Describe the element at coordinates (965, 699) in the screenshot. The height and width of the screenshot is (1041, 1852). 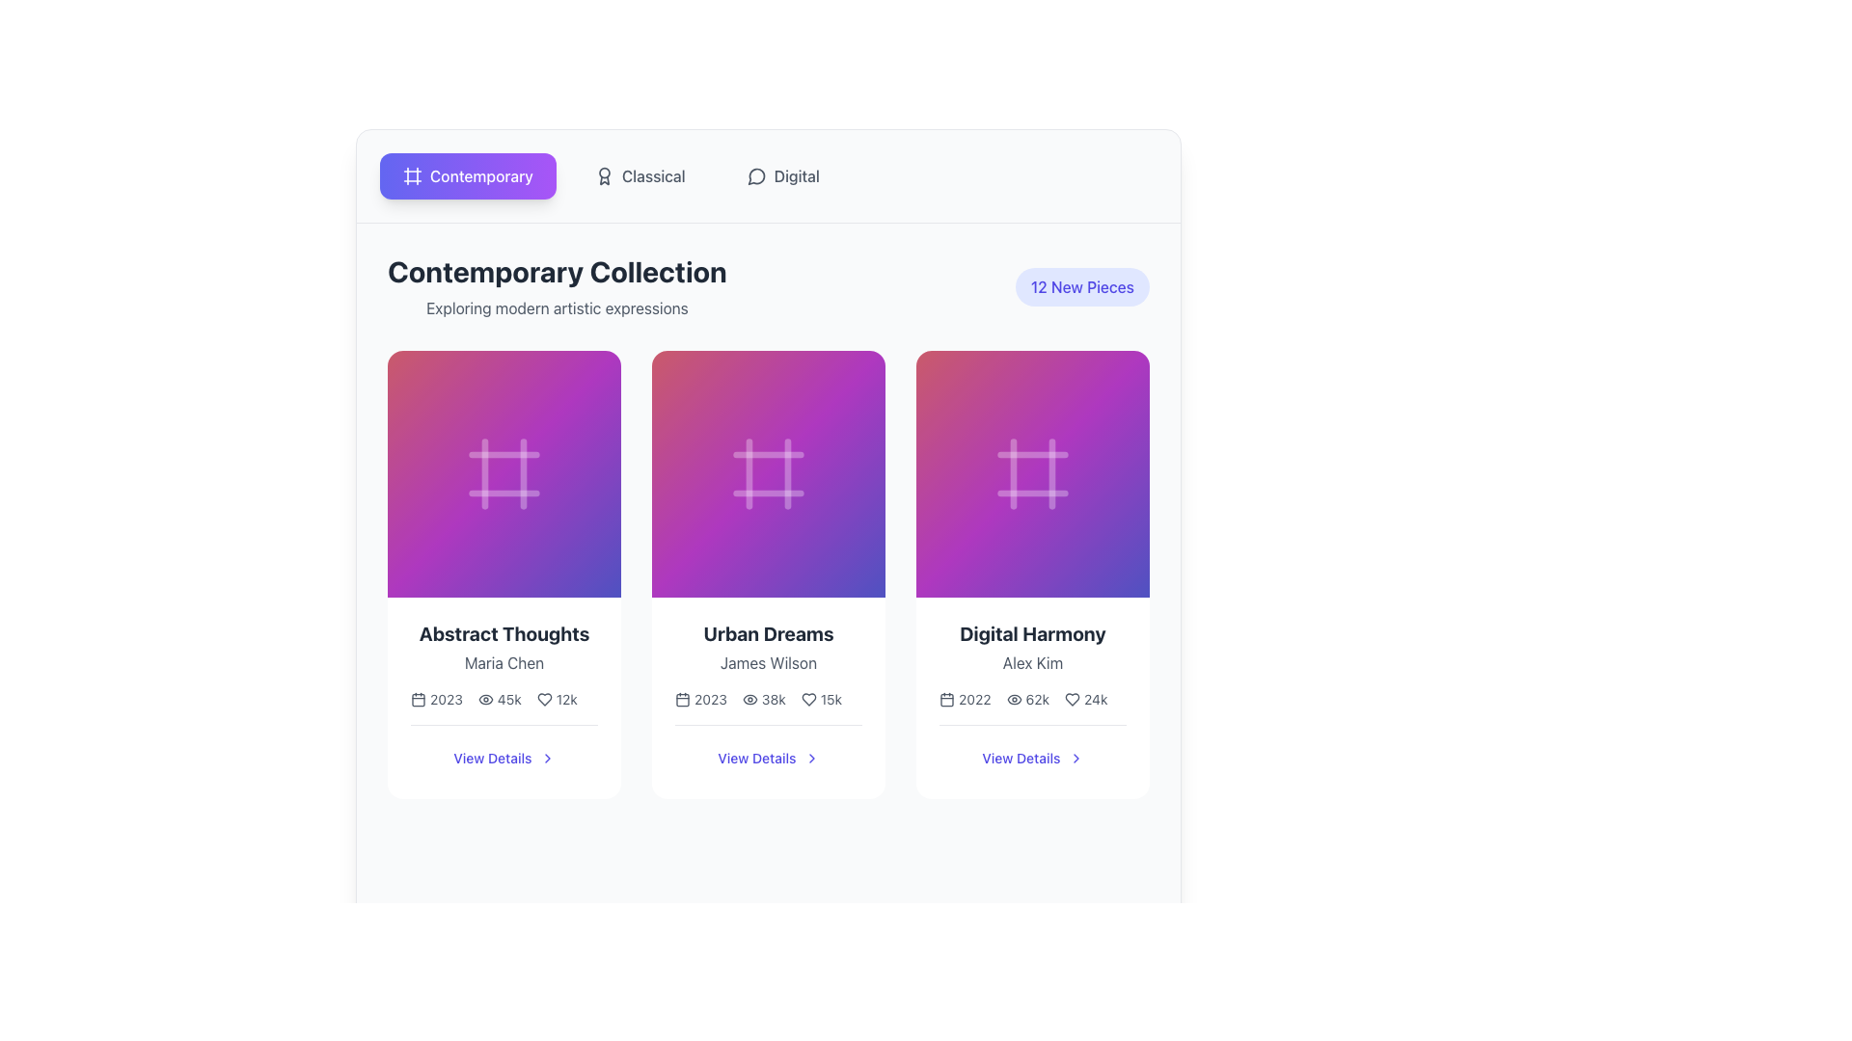
I see `the text '2022' accompanied by a calendar icon in the lower section of the third card labeled 'Digital Harmony' by 'Alex Kim'` at that location.